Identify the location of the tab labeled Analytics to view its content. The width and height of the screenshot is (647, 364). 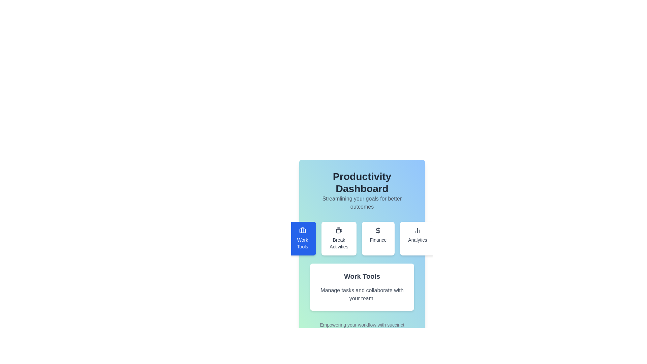
(417, 238).